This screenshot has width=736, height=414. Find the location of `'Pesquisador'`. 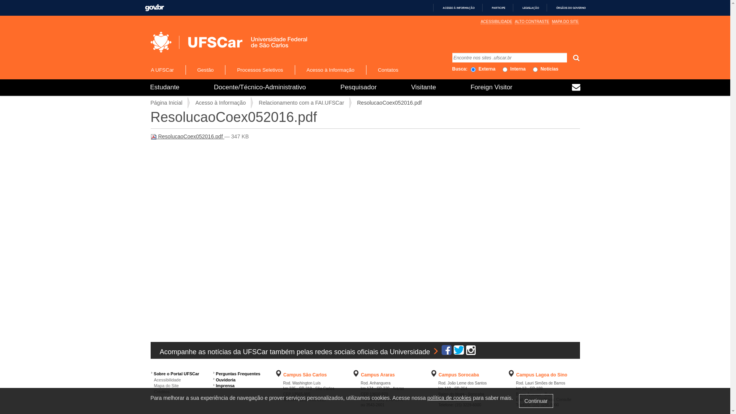

'Pesquisador' is located at coordinates (323, 87).